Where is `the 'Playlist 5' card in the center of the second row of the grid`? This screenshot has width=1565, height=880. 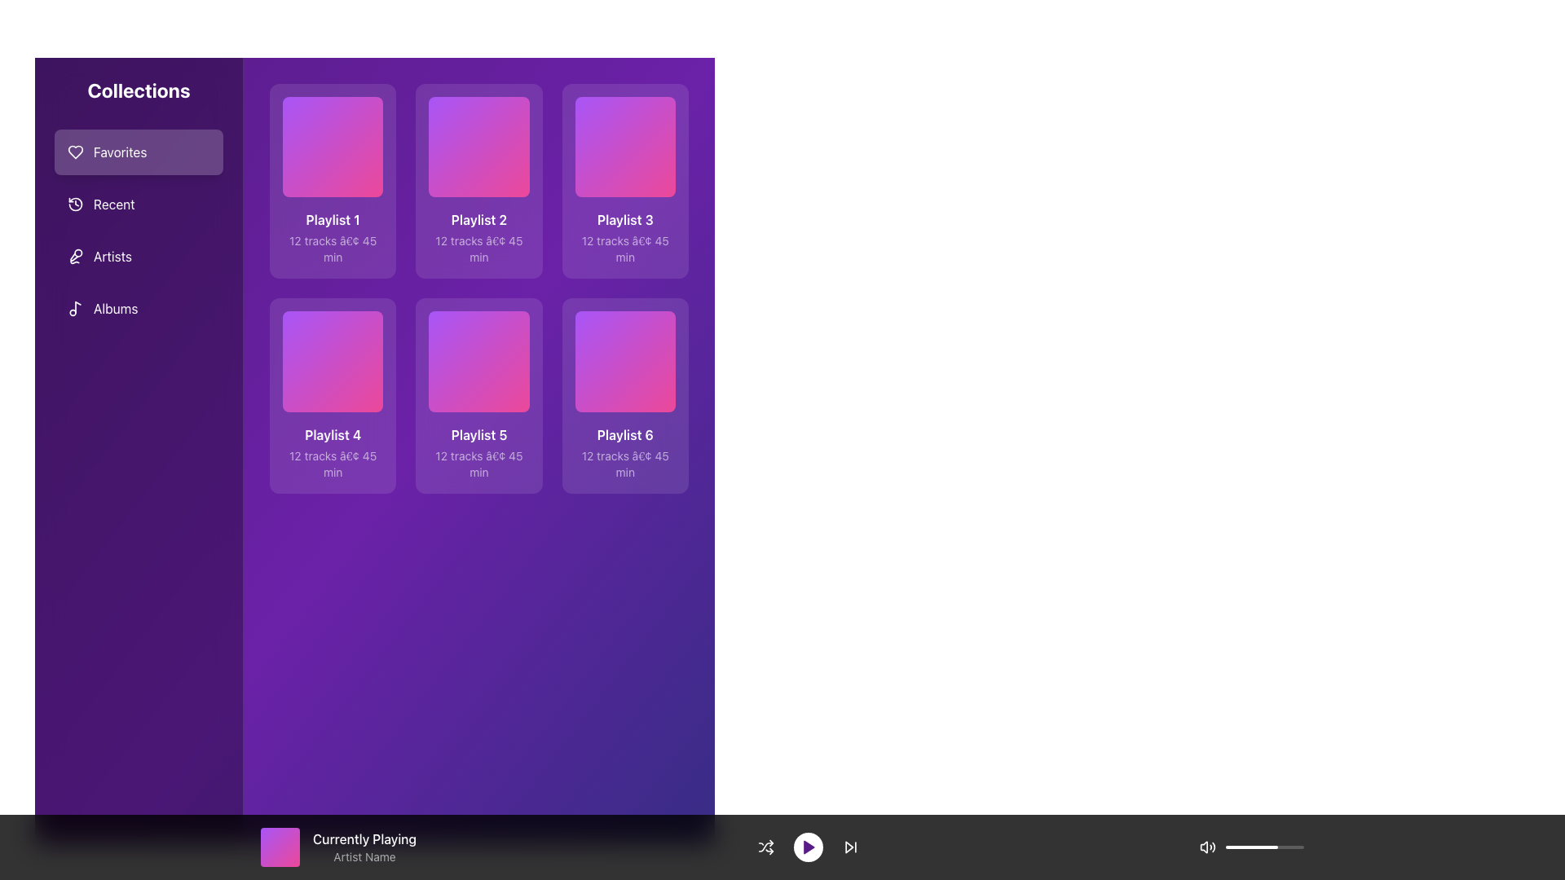
the 'Playlist 5' card in the center of the second row of the grid is located at coordinates (478, 396).